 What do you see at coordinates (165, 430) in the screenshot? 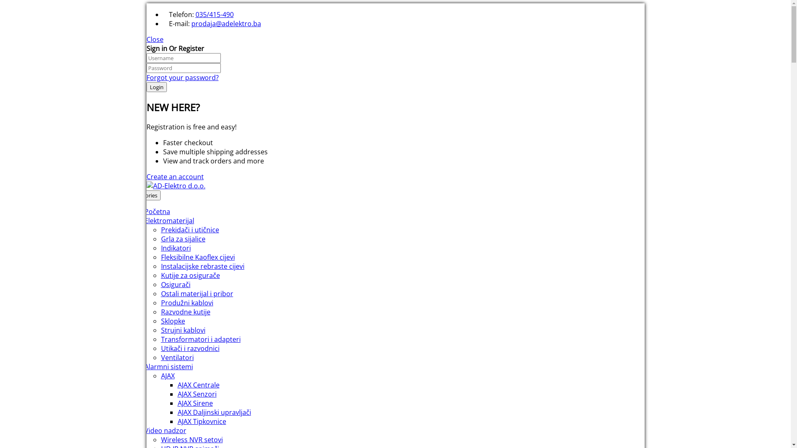
I see `'Video nadzor'` at bounding box center [165, 430].